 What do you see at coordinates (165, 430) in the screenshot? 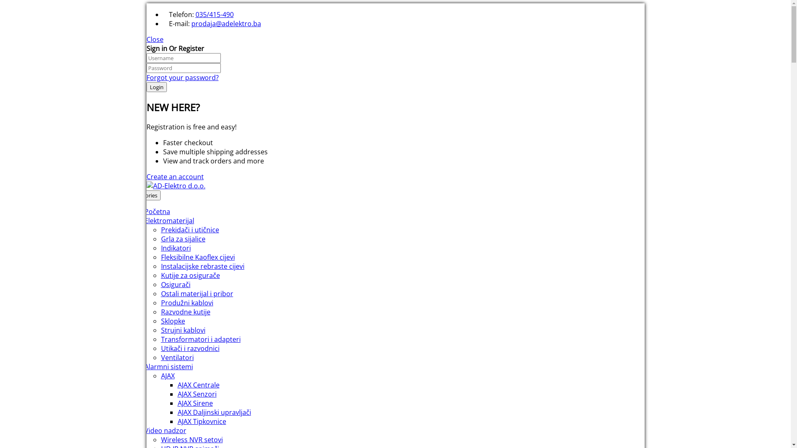
I see `'Video nadzor'` at bounding box center [165, 430].